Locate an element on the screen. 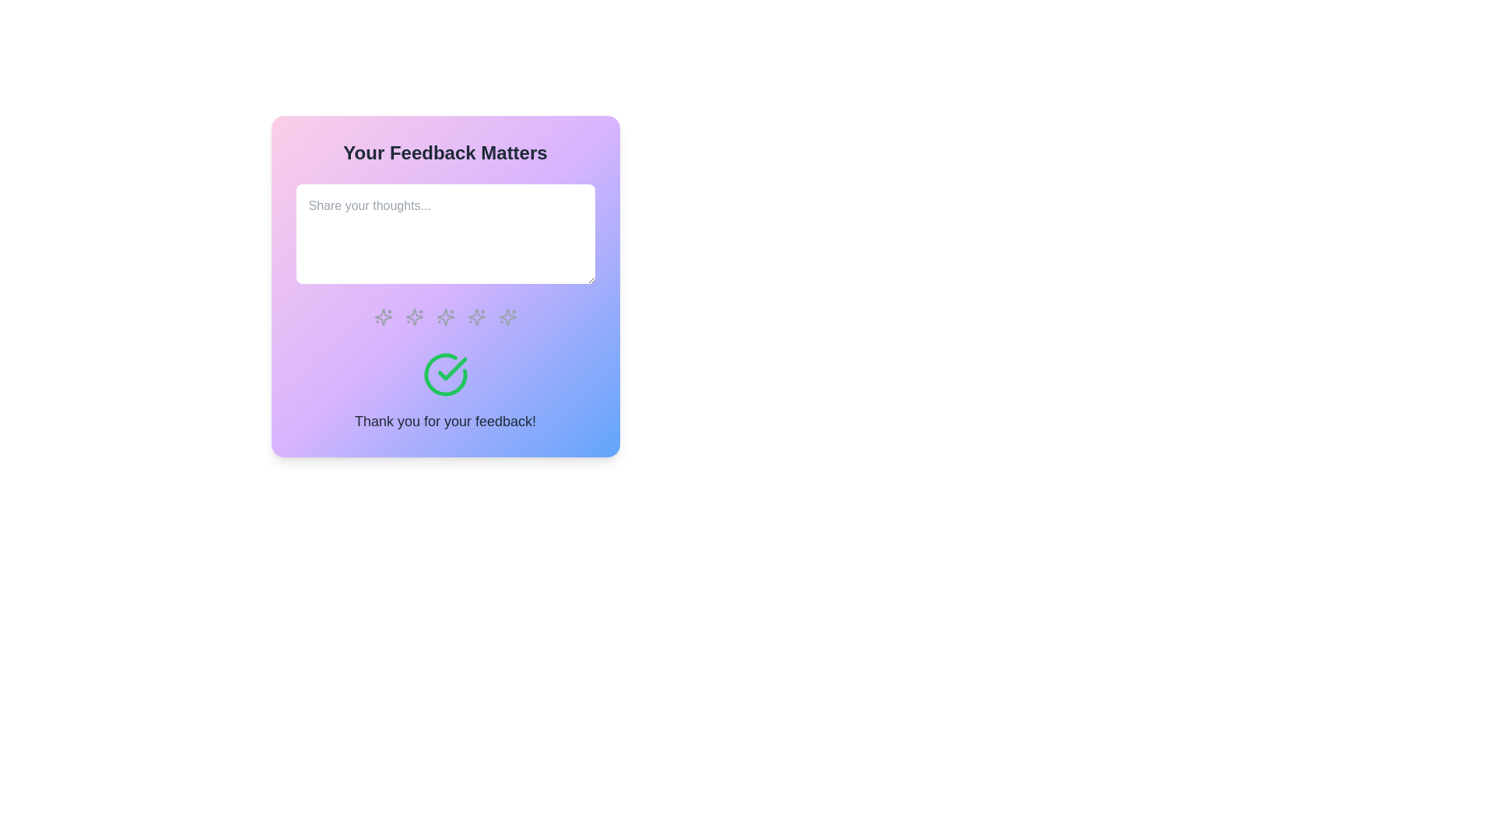 Image resolution: width=1494 pixels, height=840 pixels. the decorative icon, which is the fourth in a horizontal group located at the center bottom of the card interface beneath the 'Share your thoughts...' text input box is located at coordinates (444, 317).